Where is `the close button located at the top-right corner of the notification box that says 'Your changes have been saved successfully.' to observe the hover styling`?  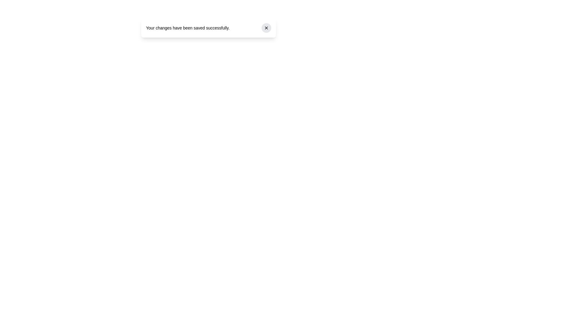
the close button located at the top-right corner of the notification box that says 'Your changes have been saved successfully.' to observe the hover styling is located at coordinates (266, 28).